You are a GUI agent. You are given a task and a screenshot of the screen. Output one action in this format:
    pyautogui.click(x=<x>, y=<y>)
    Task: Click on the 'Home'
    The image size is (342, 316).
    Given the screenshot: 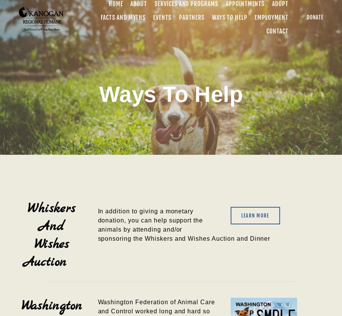 What is the action you would take?
    pyautogui.click(x=115, y=3)
    